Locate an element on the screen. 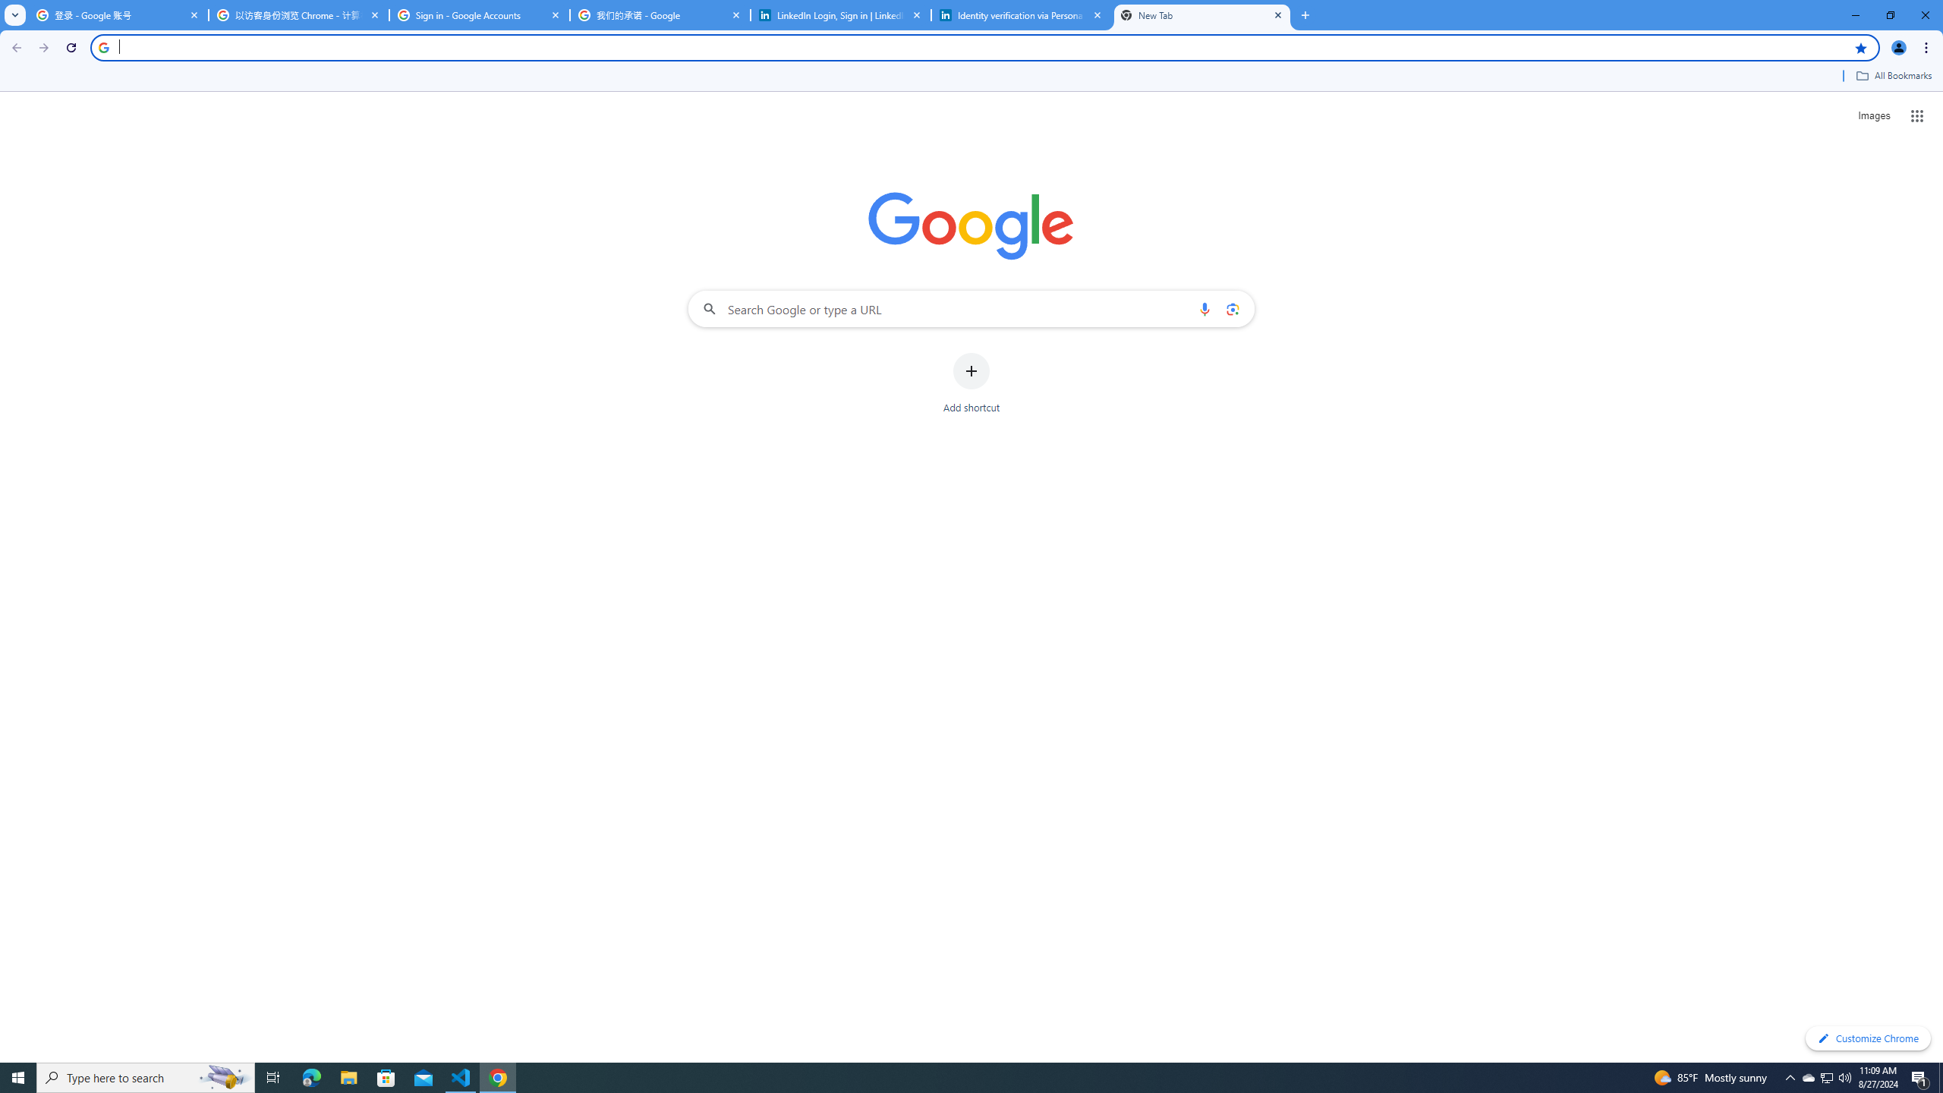 Image resolution: width=1943 pixels, height=1093 pixels. 'Forward' is located at coordinates (43, 47).